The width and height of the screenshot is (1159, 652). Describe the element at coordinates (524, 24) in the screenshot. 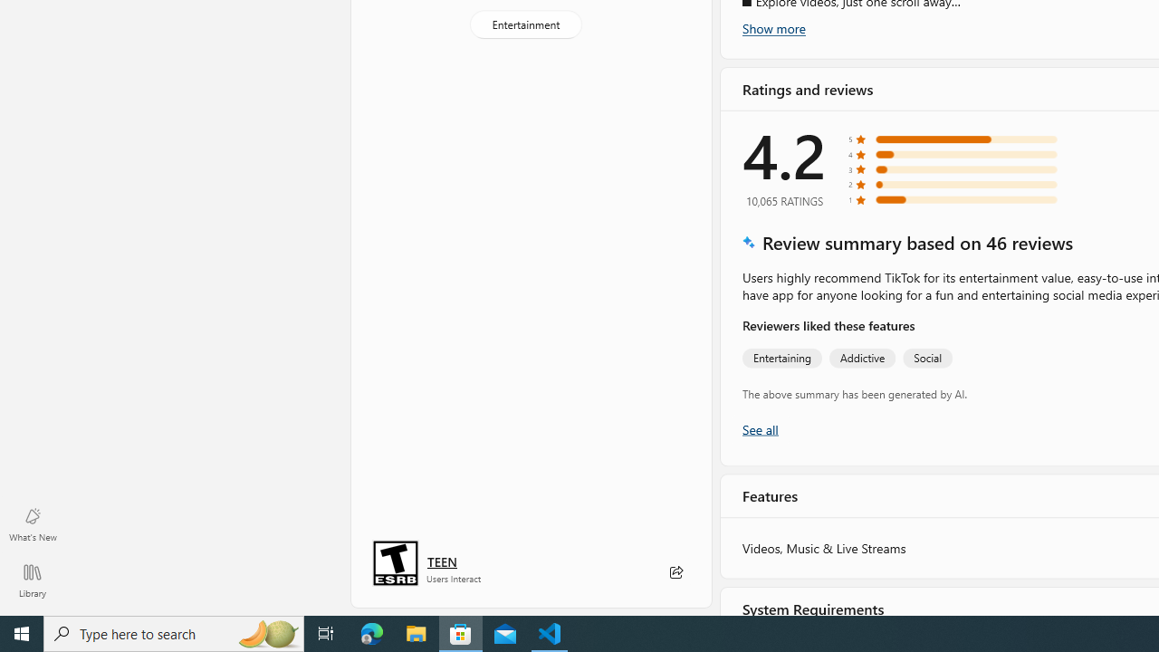

I see `'Entertainment'` at that location.